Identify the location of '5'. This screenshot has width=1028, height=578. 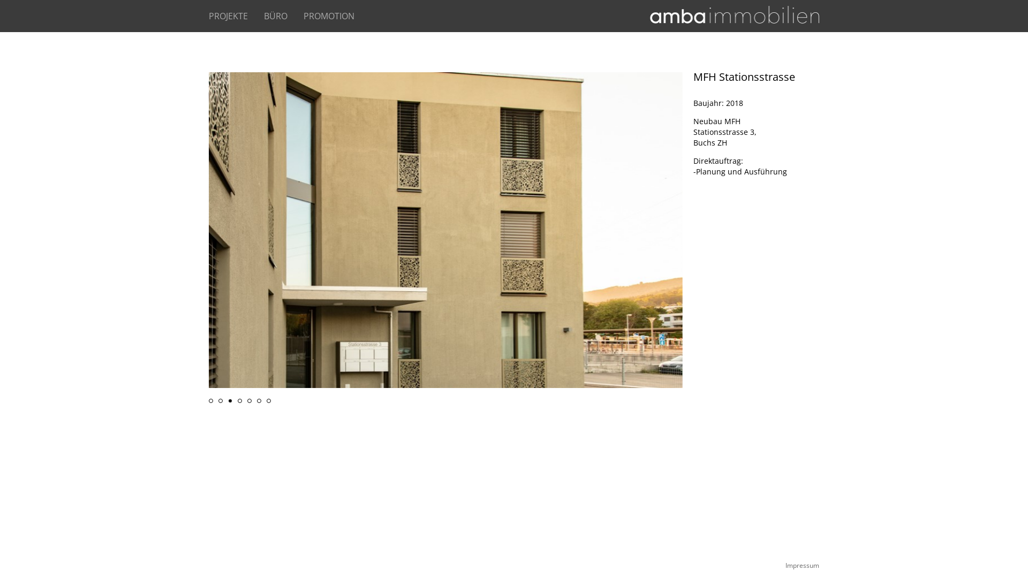
(248, 400).